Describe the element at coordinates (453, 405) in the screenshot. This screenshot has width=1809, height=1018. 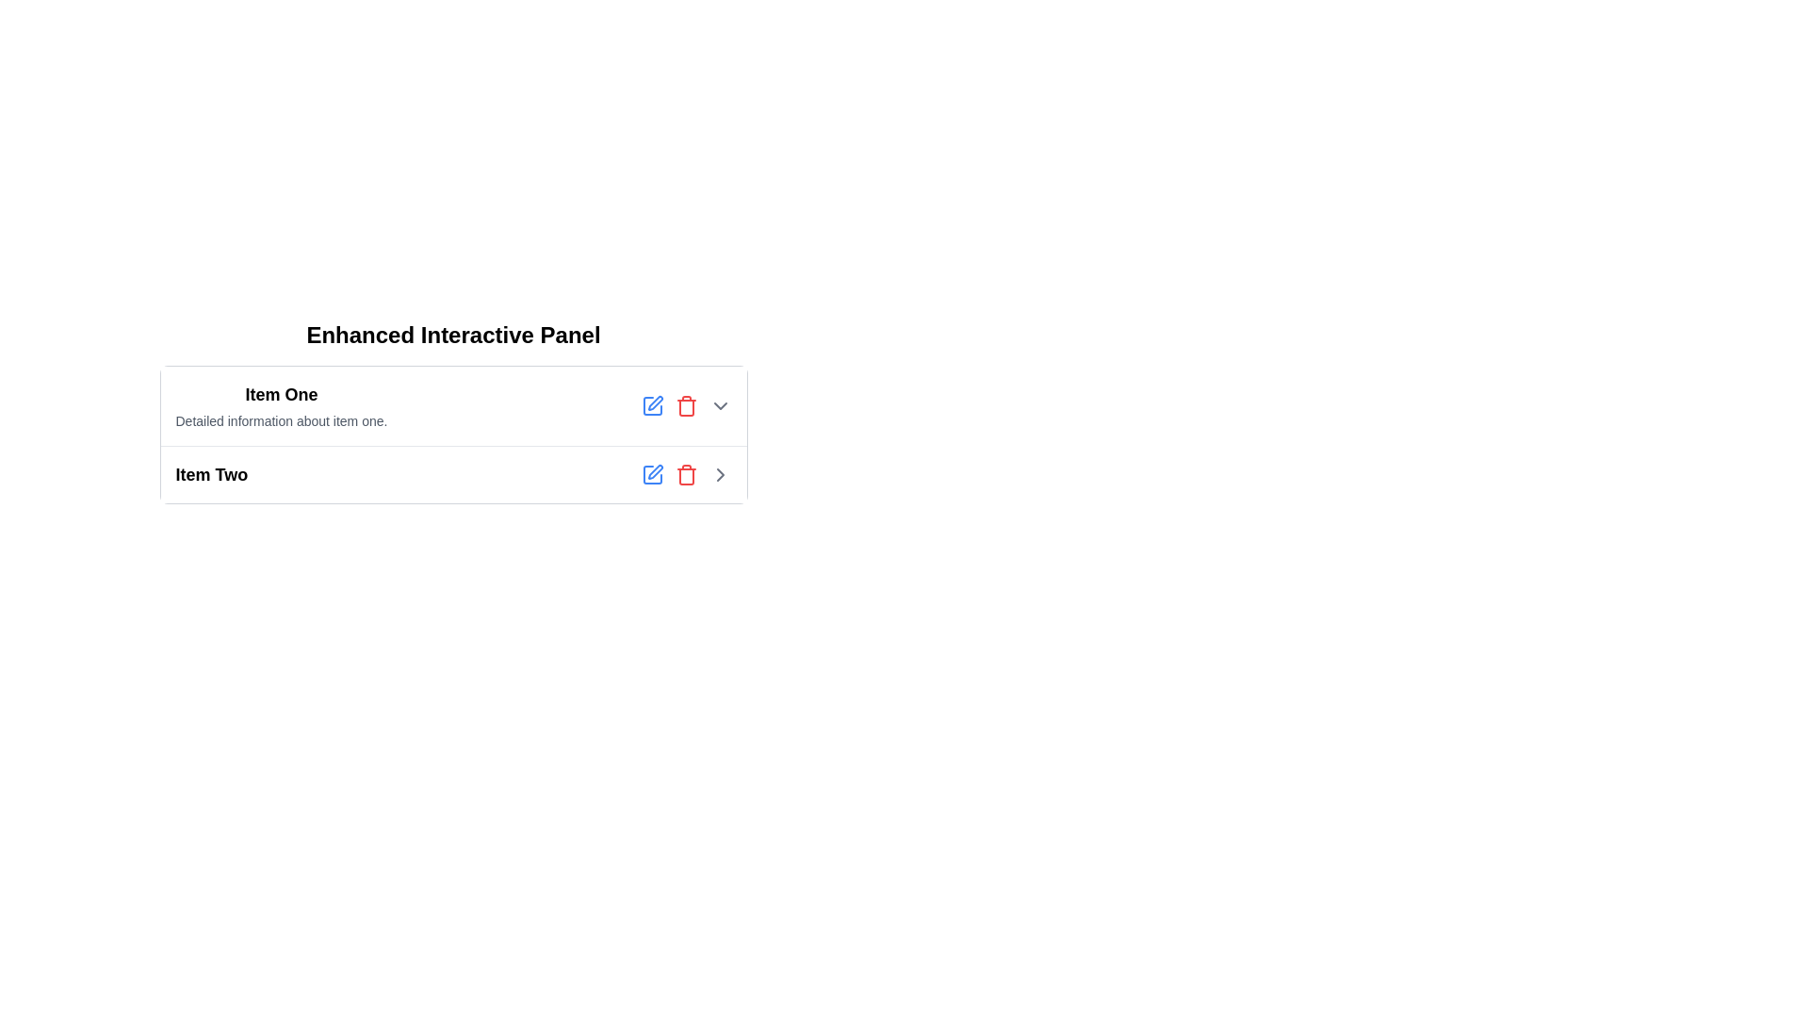
I see `title 'Item One' from the first list item that includes interactive icons for editing and deleting` at that location.